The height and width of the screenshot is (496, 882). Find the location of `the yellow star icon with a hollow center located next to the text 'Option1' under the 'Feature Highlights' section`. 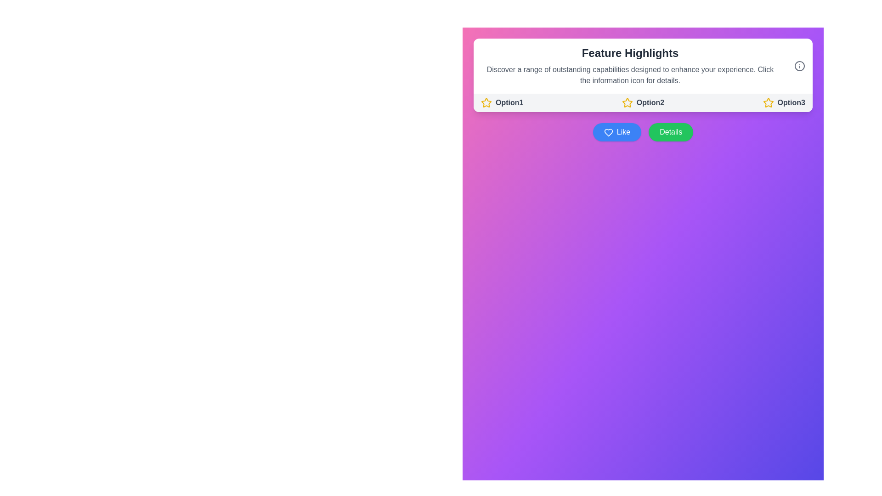

the yellow star icon with a hollow center located next to the text 'Option1' under the 'Feature Highlights' section is located at coordinates (486, 102).